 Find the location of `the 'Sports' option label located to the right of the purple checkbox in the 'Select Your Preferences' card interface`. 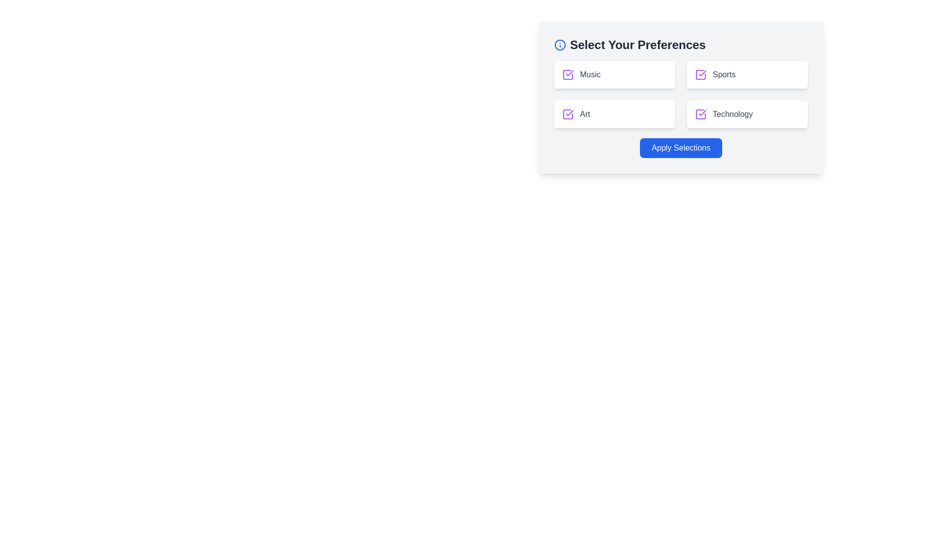

the 'Sports' option label located to the right of the purple checkbox in the 'Select Your Preferences' card interface is located at coordinates (747, 74).